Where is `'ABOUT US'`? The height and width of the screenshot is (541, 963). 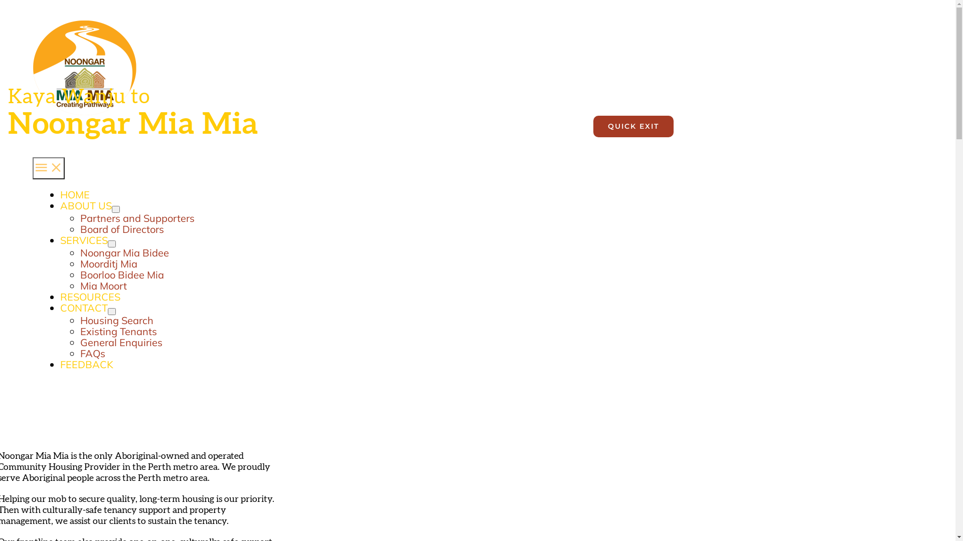
'ABOUT US' is located at coordinates (86, 205).